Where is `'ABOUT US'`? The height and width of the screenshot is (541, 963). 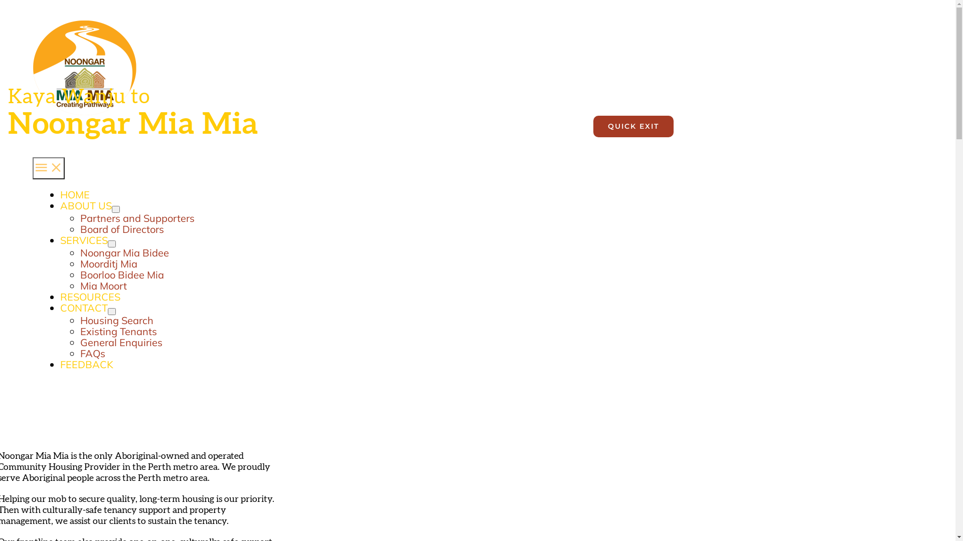
'ABOUT US' is located at coordinates (86, 205).